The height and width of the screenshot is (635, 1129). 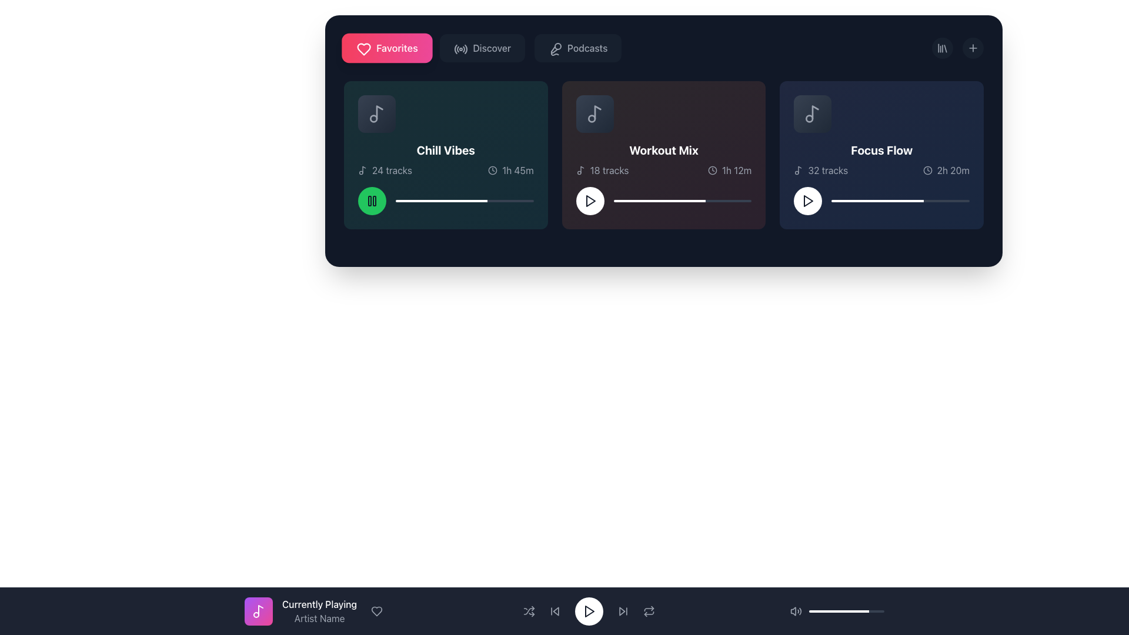 I want to click on the play button located at the lower center of the interface to initiate playback of the currently selected media, so click(x=589, y=611).